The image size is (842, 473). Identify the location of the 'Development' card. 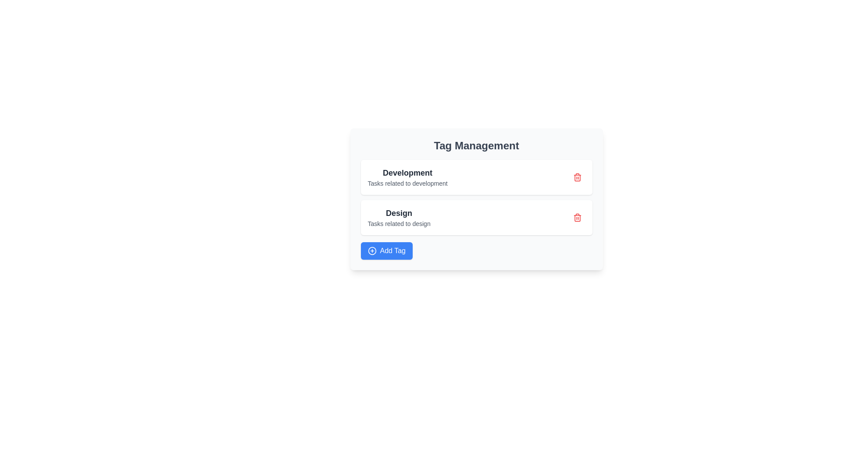
(407, 177).